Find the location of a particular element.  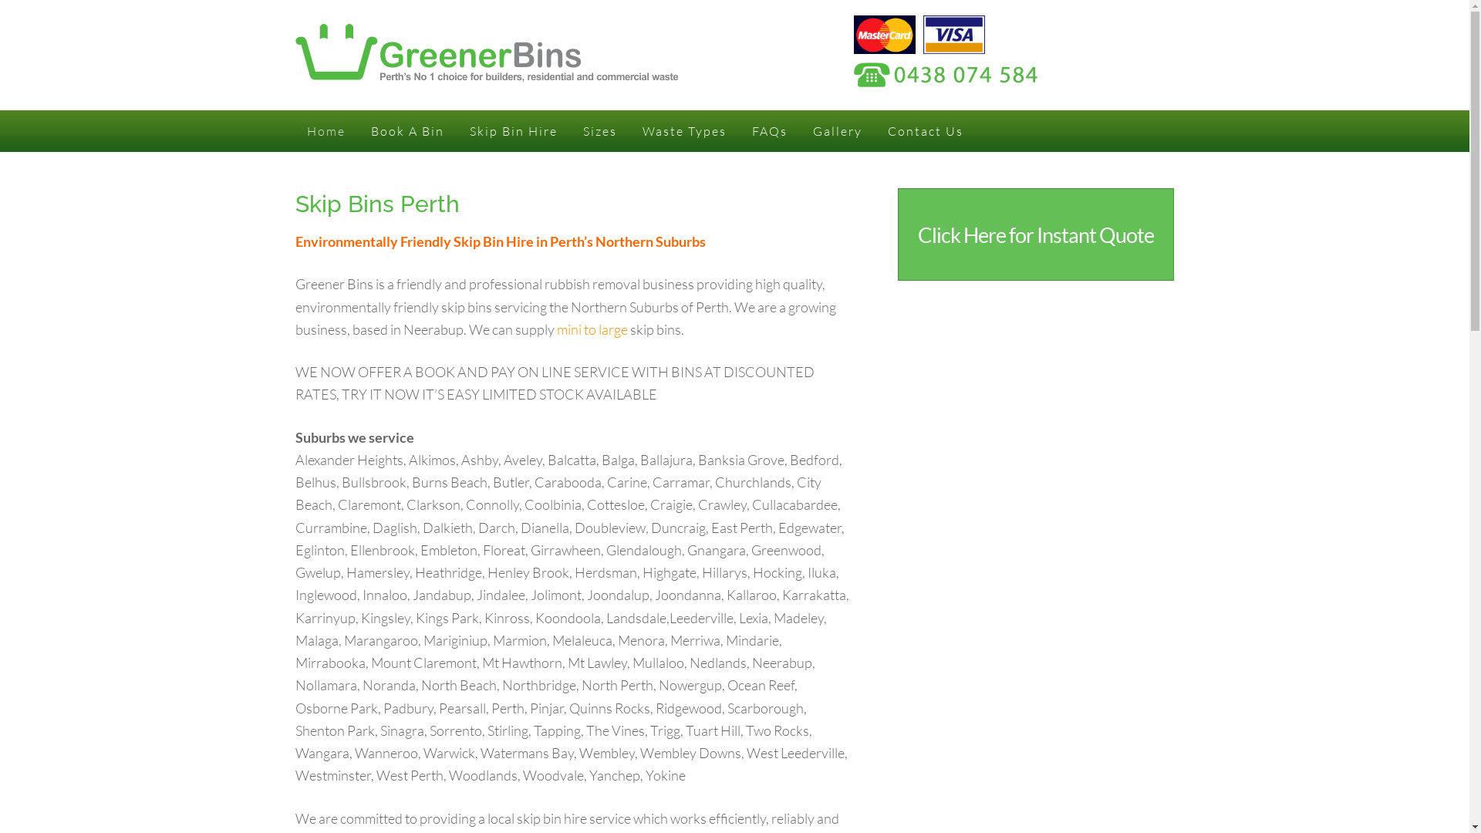

'Book A Bin' is located at coordinates (407, 130).